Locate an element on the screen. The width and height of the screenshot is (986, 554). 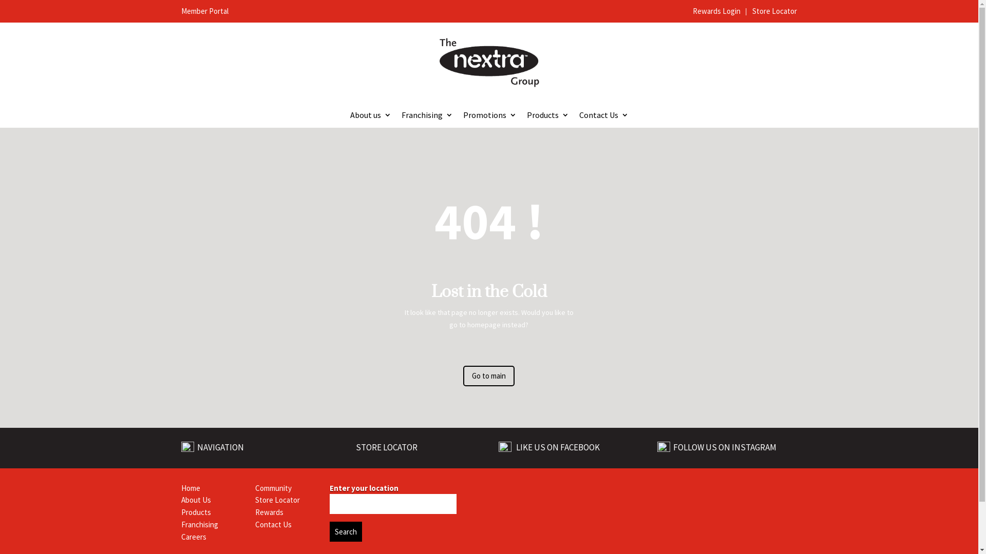
'Products' is located at coordinates (195, 512).